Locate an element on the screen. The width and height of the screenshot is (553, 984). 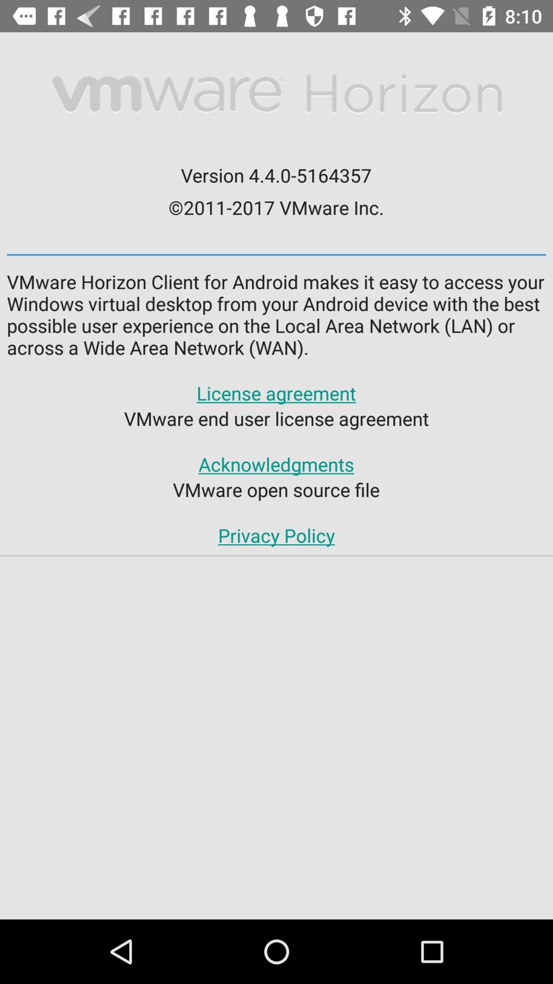
the privacy policy is located at coordinates (276, 535).